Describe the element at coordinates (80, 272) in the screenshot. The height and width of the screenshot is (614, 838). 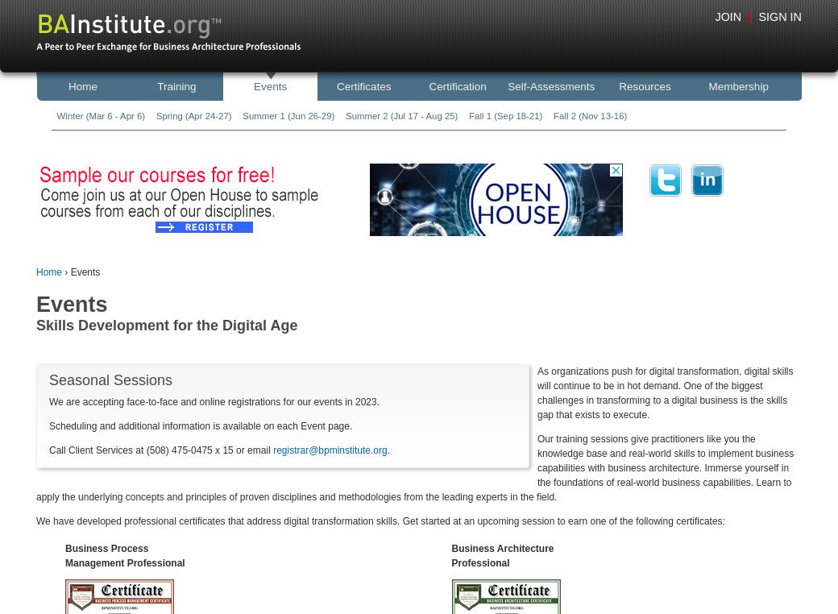
I see `'› Events'` at that location.